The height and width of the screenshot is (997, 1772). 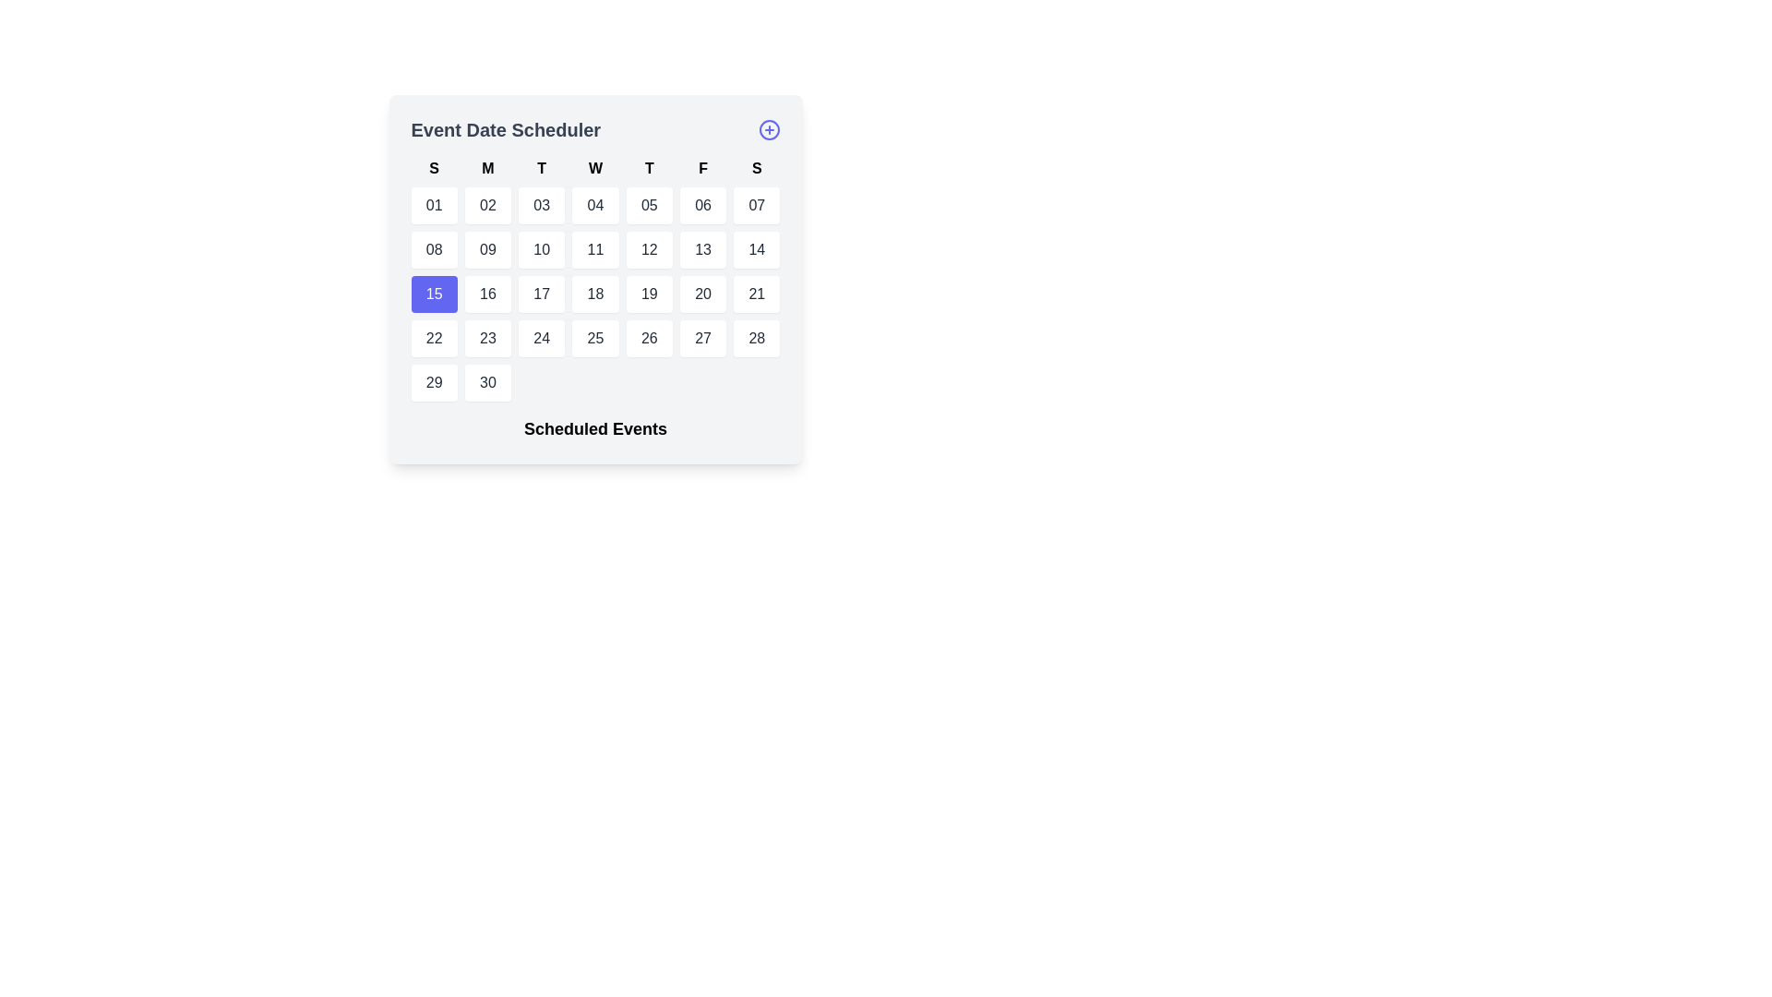 I want to click on the selectable date button '08' in the calendar interface, located in the second row and first column, so click(x=433, y=249).